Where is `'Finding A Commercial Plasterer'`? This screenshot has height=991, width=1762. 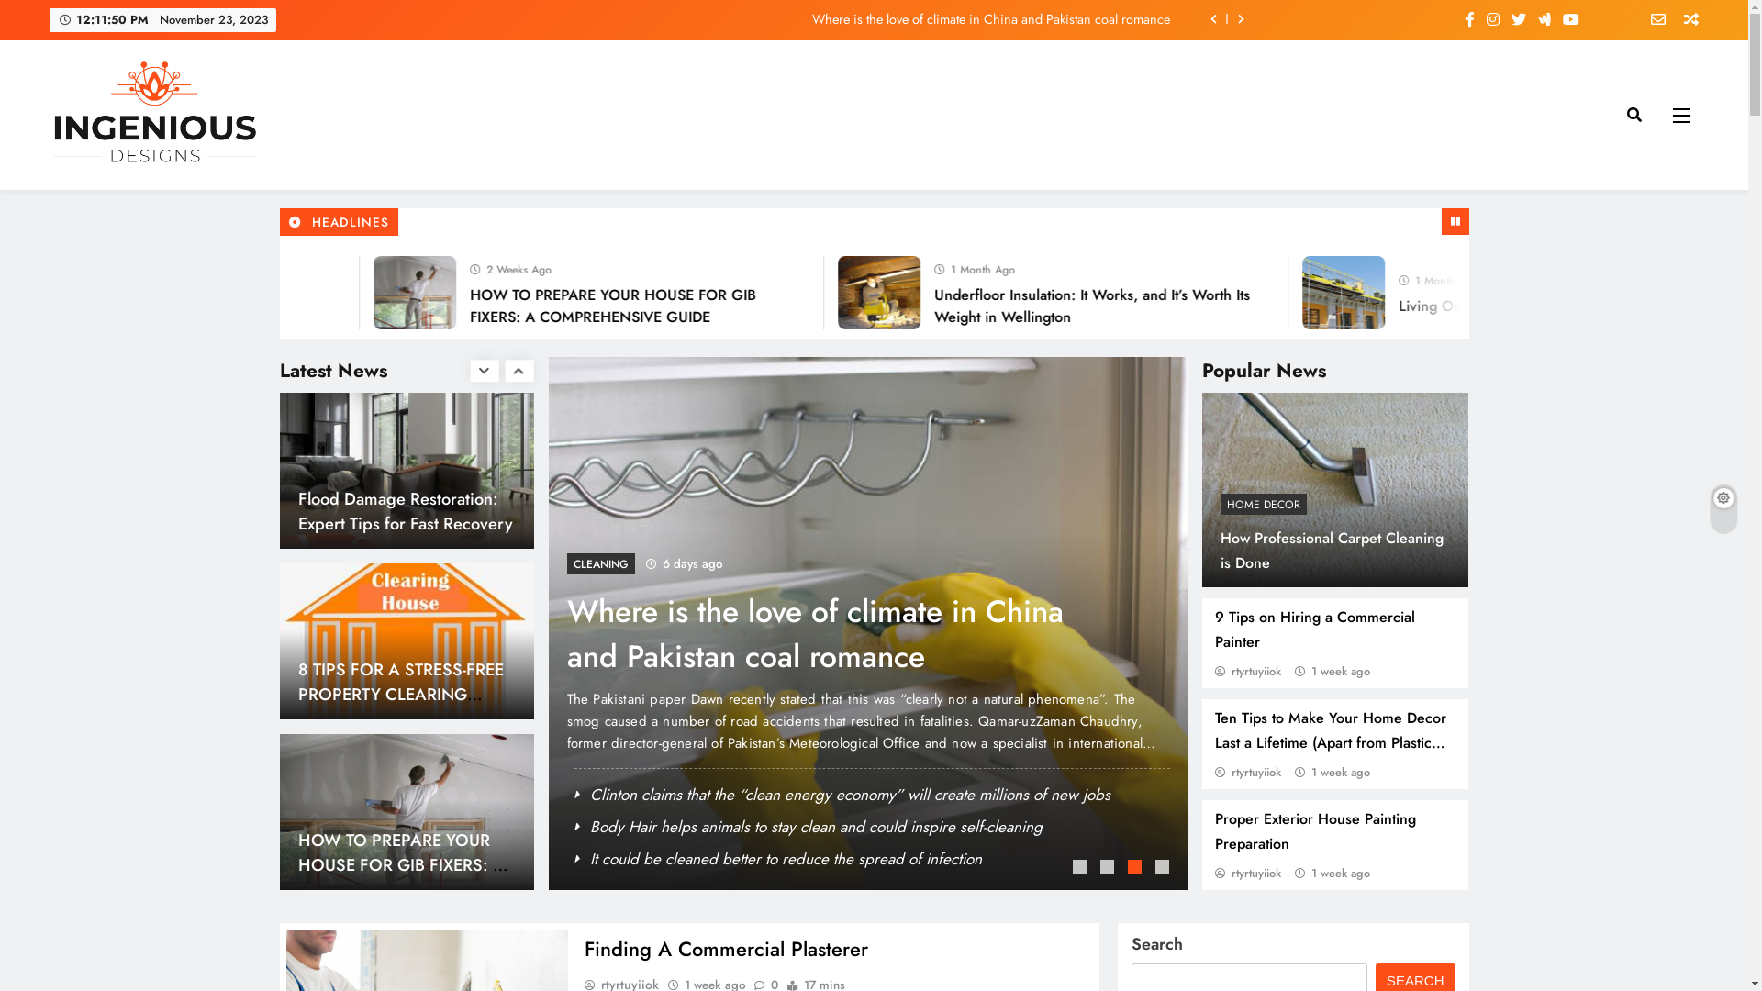
'Finding A Commercial Plasterer' is located at coordinates (725, 948).